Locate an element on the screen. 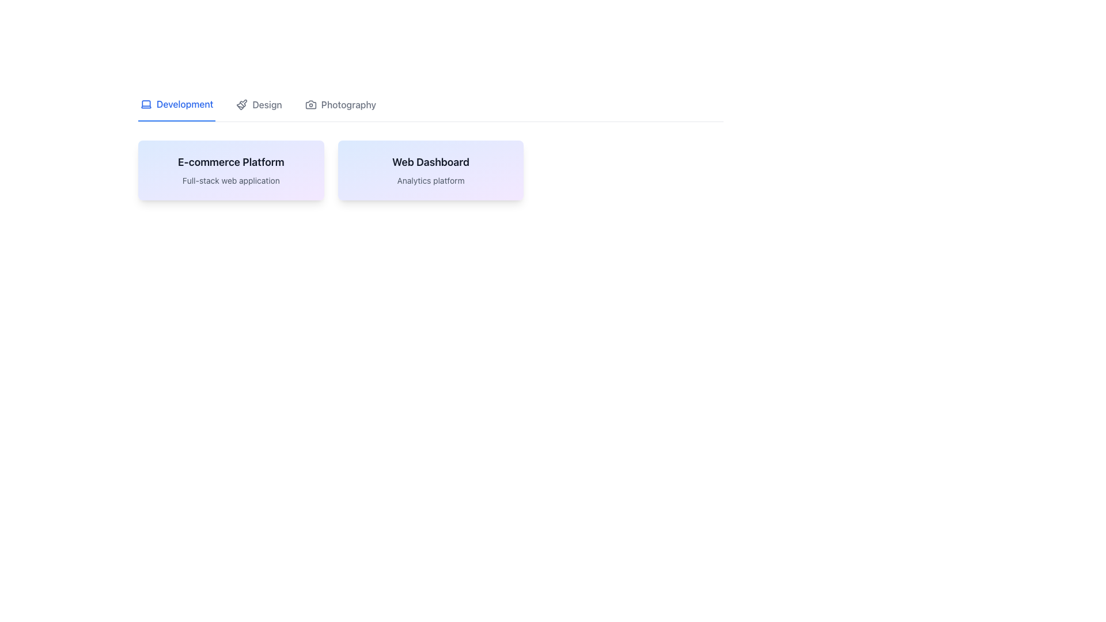  the laptop icon located to the left of the 'Development' label in the horizontal navigation bar for navigation context is located at coordinates (146, 104).